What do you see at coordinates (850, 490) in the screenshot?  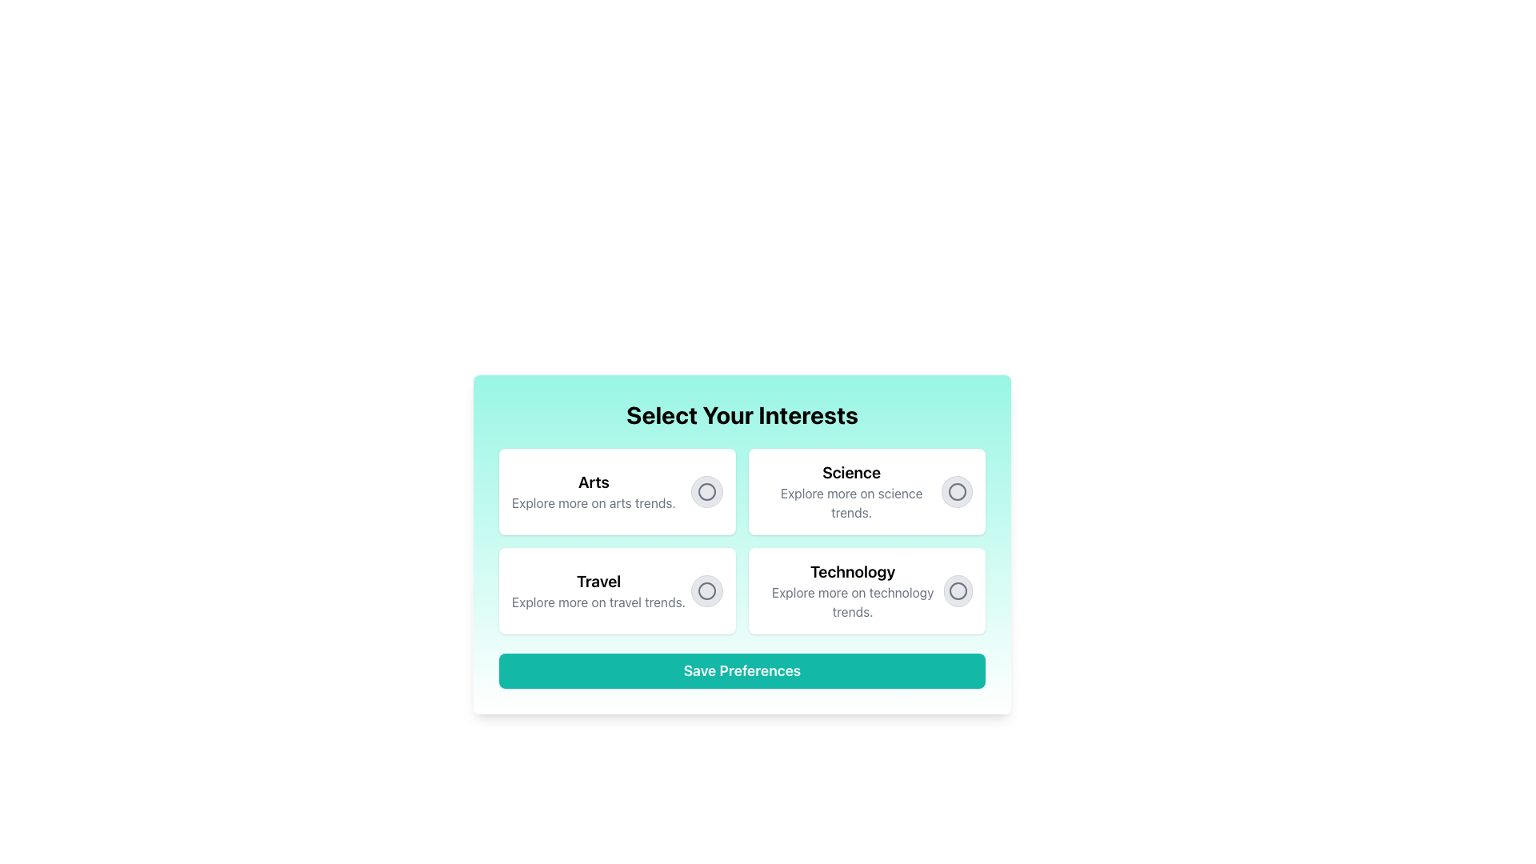 I see `the Text block displaying 'Science' and 'Explore more on science trends' located in the top right quadrant of the 'Select Your Interests' layout` at bounding box center [850, 490].